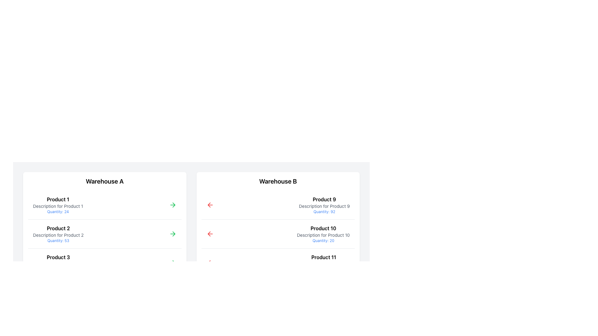 The height and width of the screenshot is (336, 598). I want to click on the Text Label serving as the product name in the third product information card under 'Warehouse B', so click(324, 257).